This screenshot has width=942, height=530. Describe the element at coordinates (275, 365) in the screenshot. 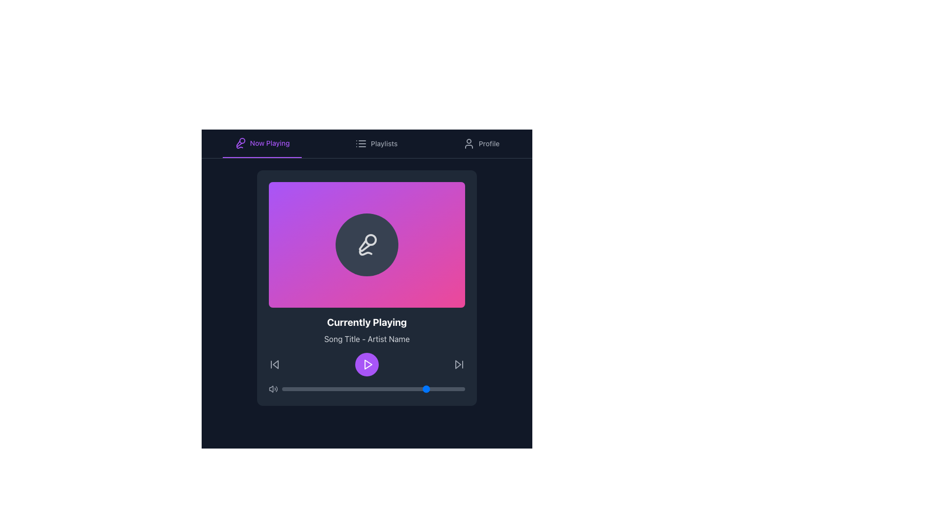

I see `the 'skip backward' button represented by a small square icon with a triangular arrow pointing left to change its color to white` at that location.